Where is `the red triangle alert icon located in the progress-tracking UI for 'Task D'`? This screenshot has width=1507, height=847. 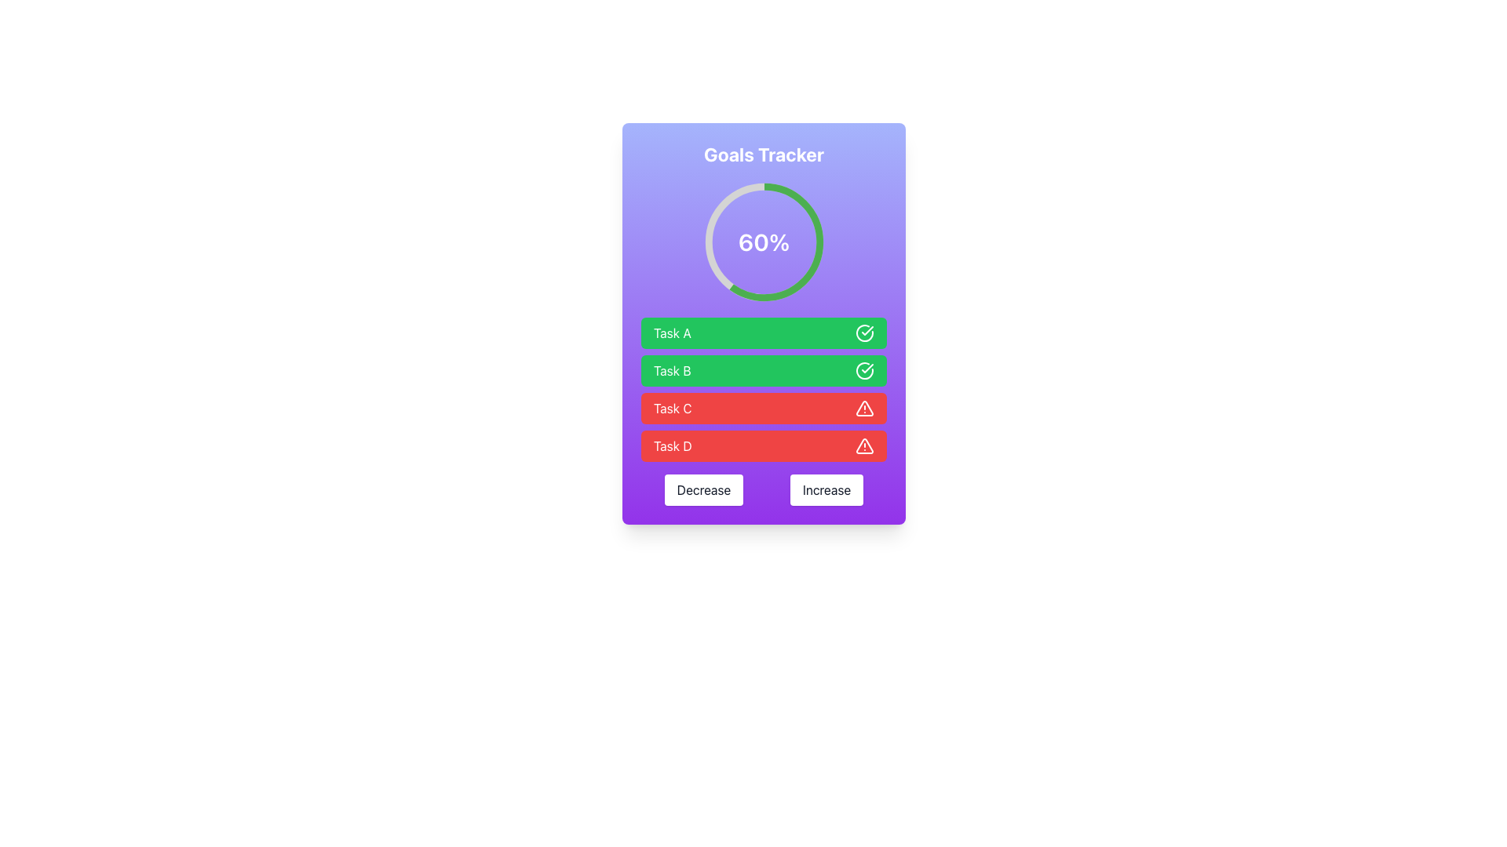
the red triangle alert icon located in the progress-tracking UI for 'Task D' is located at coordinates (864, 445).